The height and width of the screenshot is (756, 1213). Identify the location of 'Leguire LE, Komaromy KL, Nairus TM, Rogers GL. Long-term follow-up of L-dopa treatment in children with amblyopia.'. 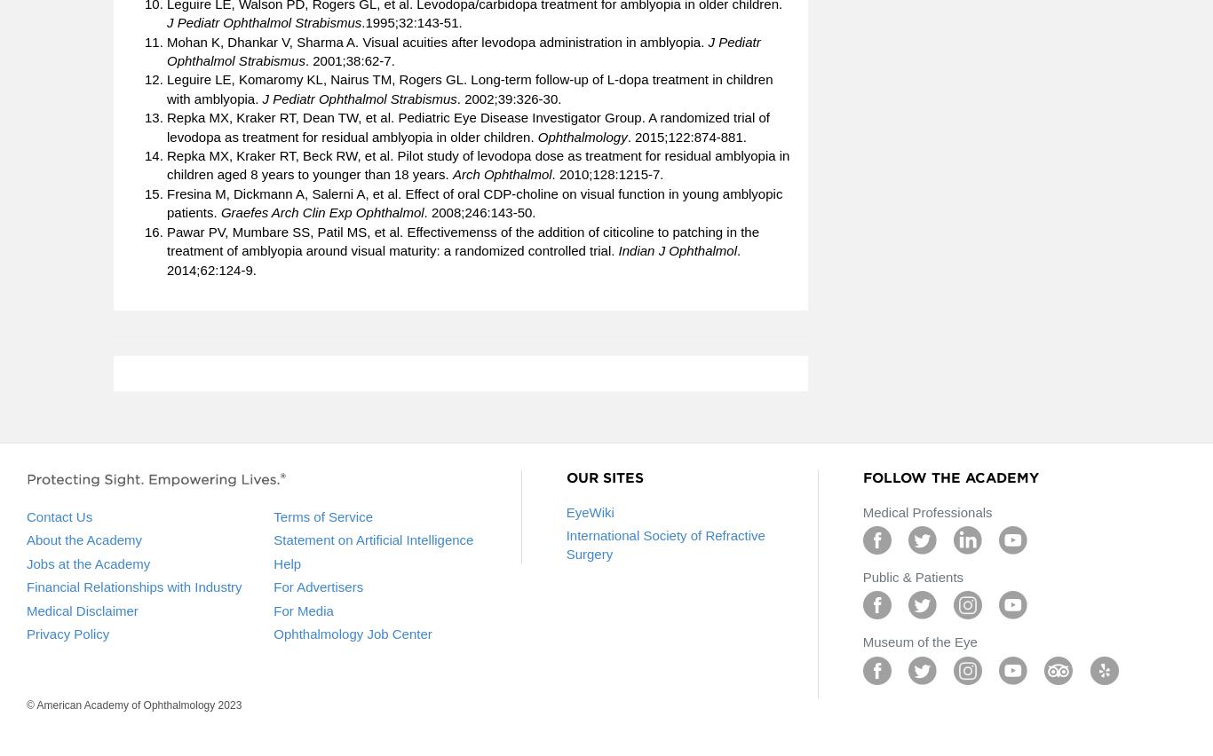
(470, 88).